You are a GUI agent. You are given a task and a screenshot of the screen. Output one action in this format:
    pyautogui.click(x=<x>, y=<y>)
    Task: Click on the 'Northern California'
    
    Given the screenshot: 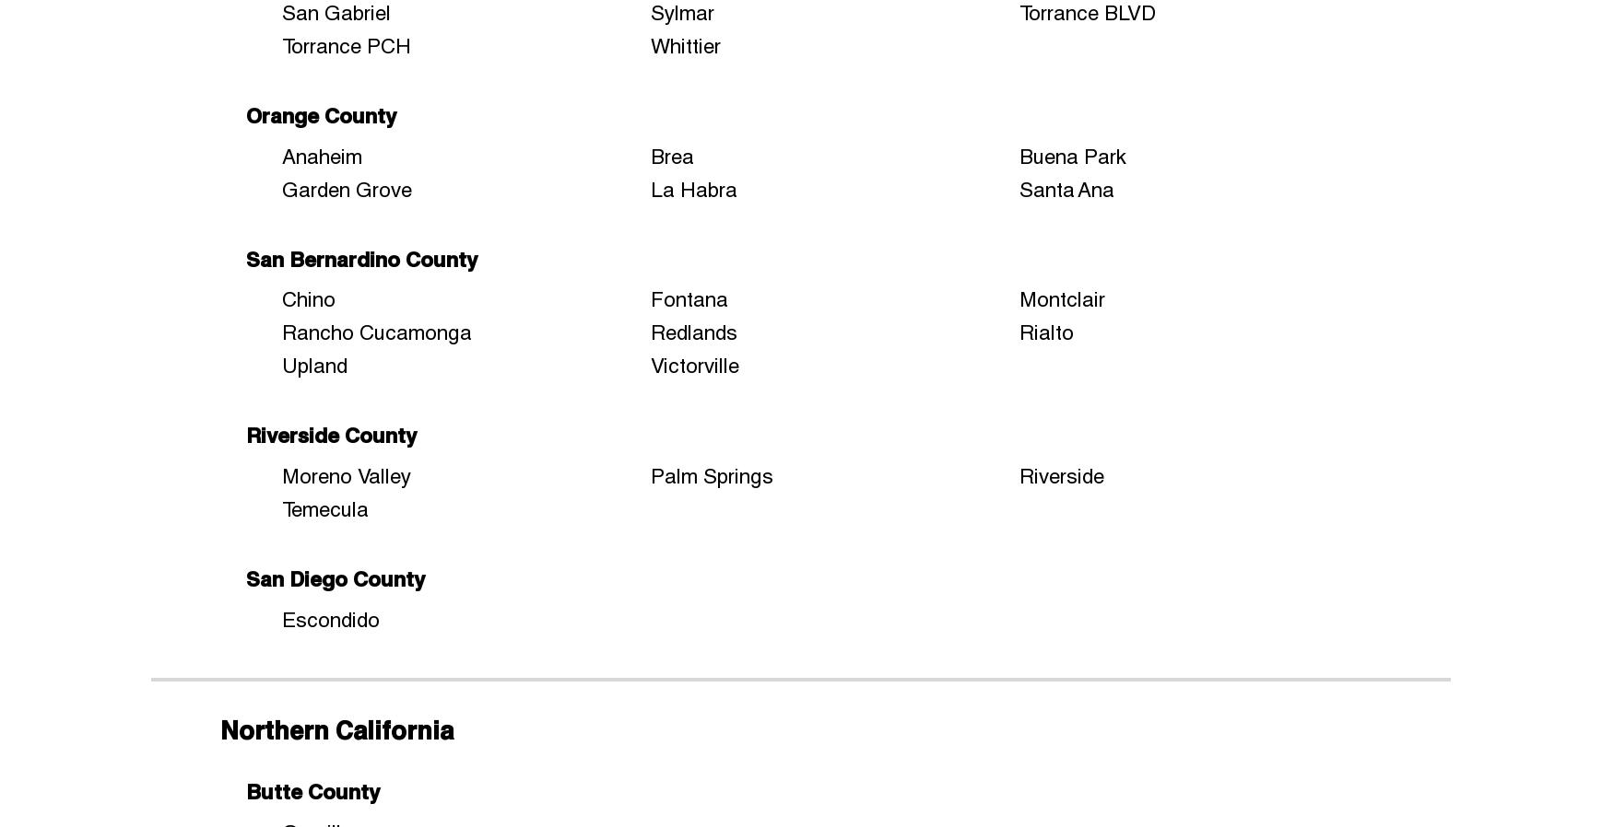 What is the action you would take?
    pyautogui.click(x=335, y=729)
    